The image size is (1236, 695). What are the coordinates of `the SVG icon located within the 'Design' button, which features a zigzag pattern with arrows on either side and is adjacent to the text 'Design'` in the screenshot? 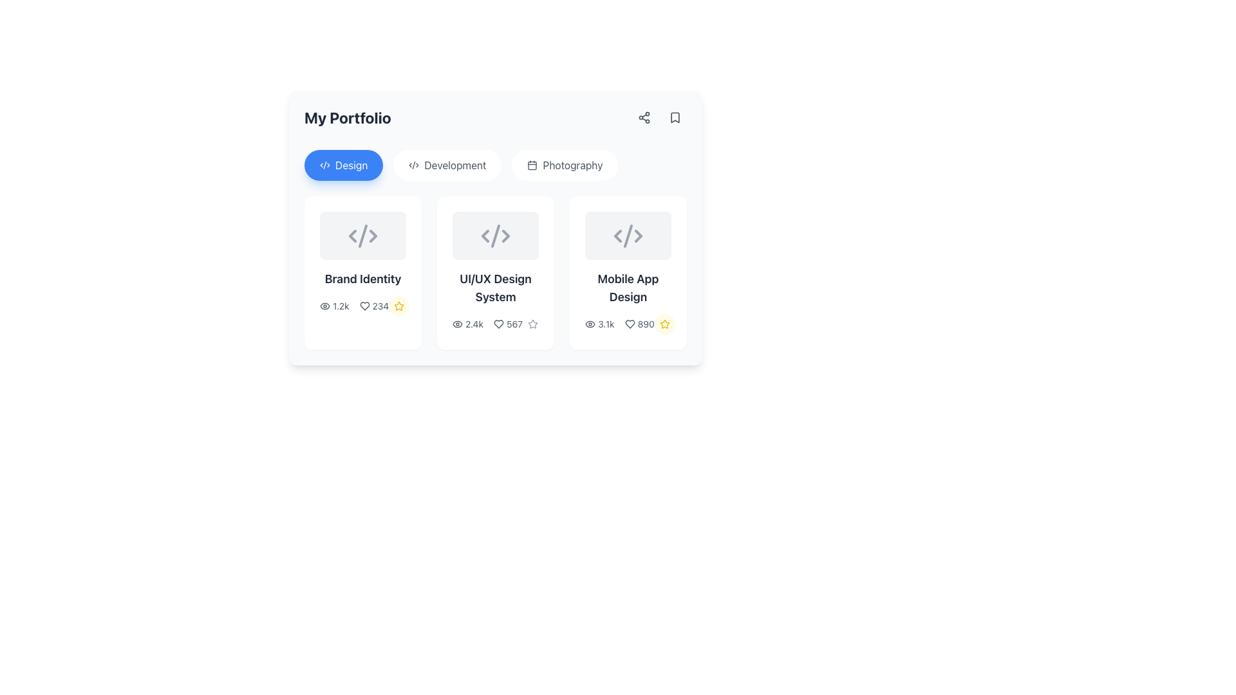 It's located at (324, 165).